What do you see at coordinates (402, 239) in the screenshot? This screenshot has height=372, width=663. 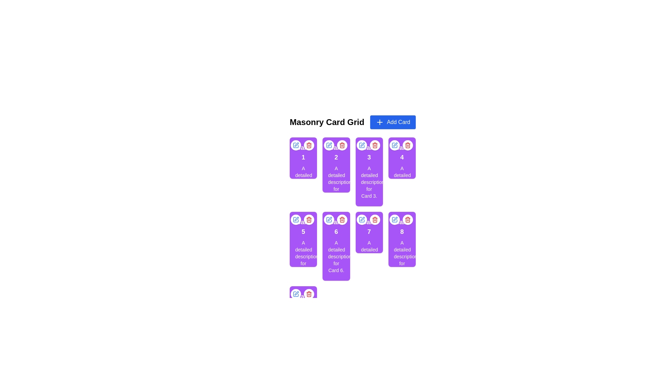 I see `the informational card detailing 'Card 8', which is located in the fourth column and second row of the grid layout` at bounding box center [402, 239].